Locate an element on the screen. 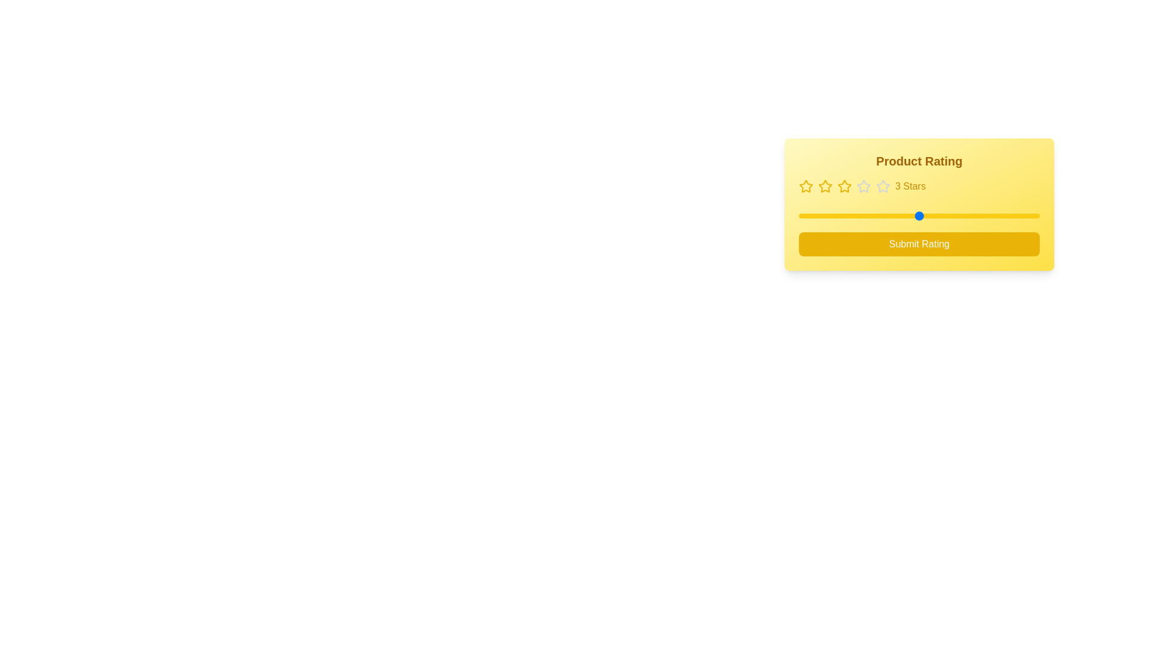  product rating is located at coordinates (980, 215).